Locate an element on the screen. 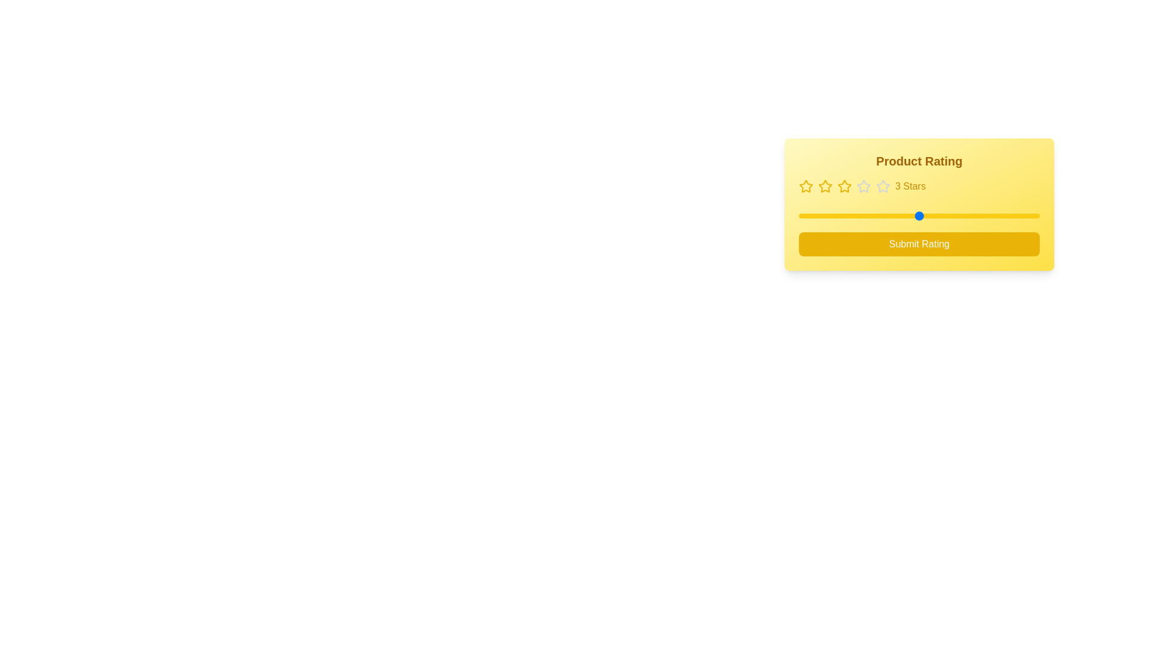  product rating is located at coordinates (980, 215).